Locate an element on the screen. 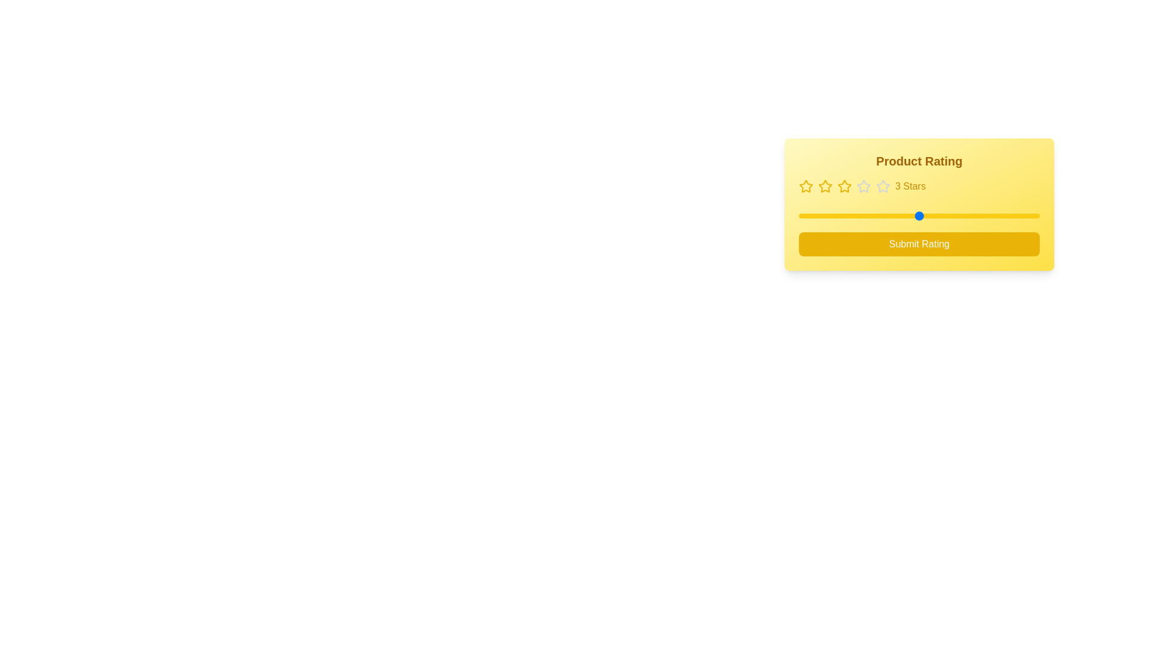  product rating is located at coordinates (980, 215).